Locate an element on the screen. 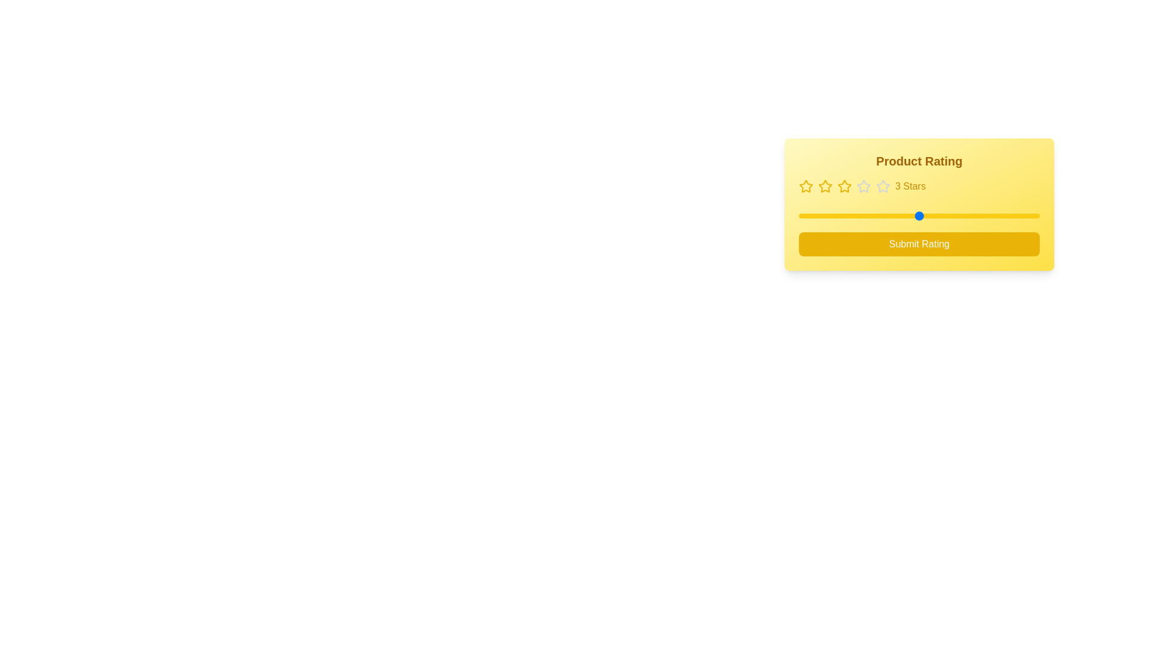  product rating is located at coordinates (980, 215).